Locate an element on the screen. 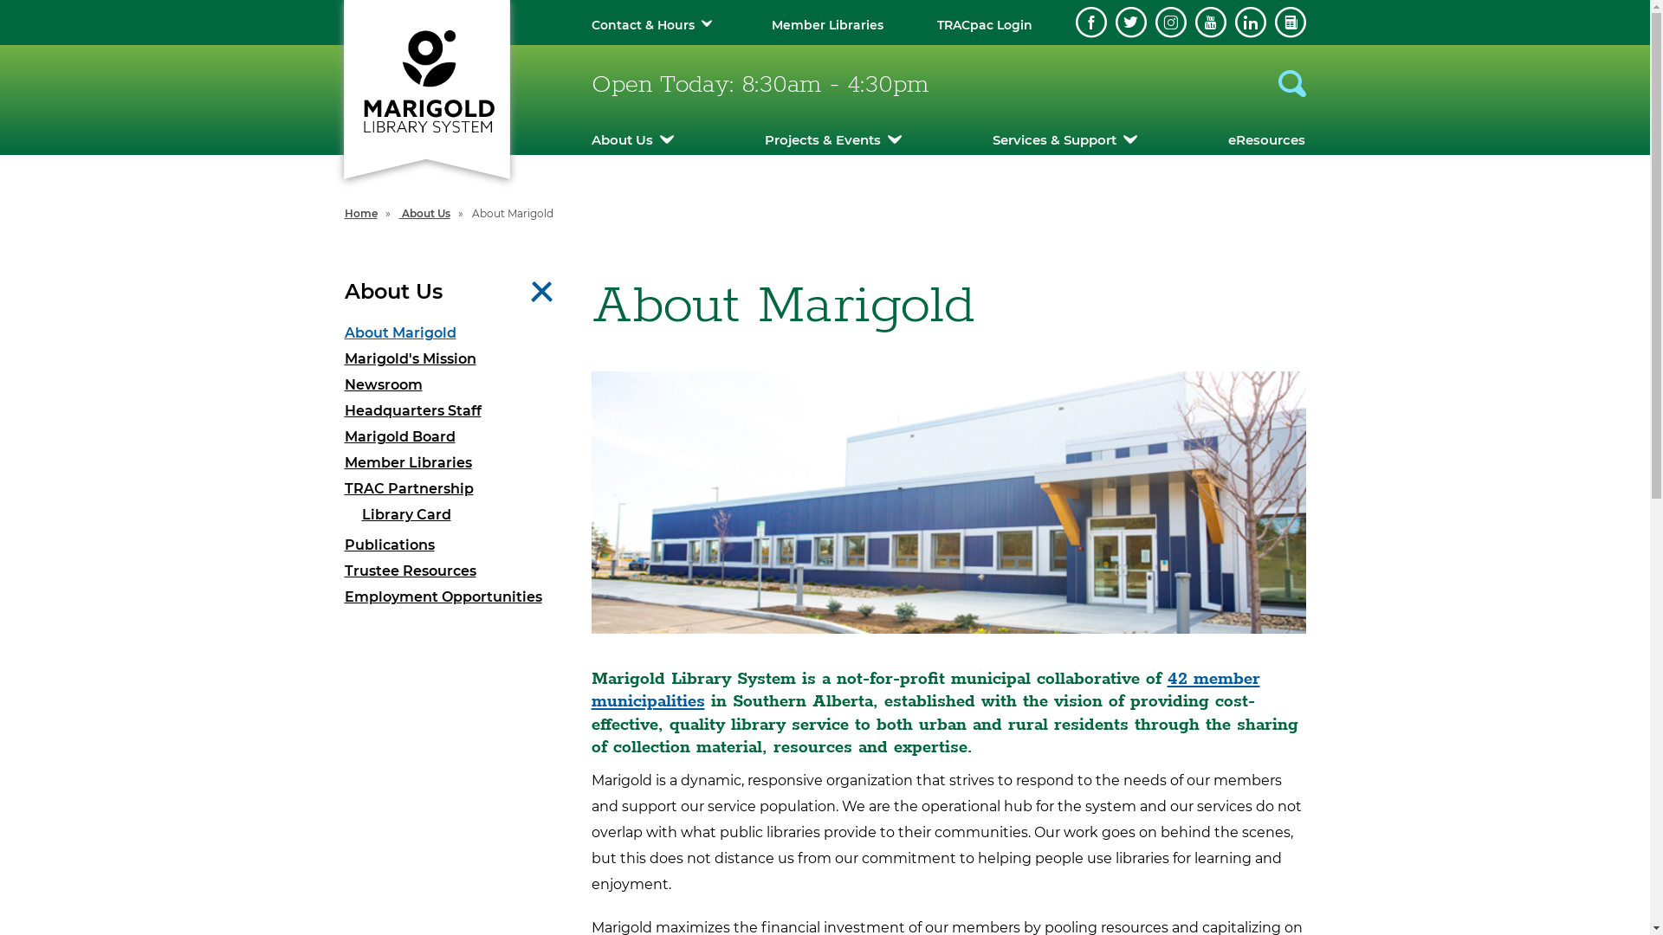 The width and height of the screenshot is (1663, 935). 'Member Libraries' is located at coordinates (826, 25).